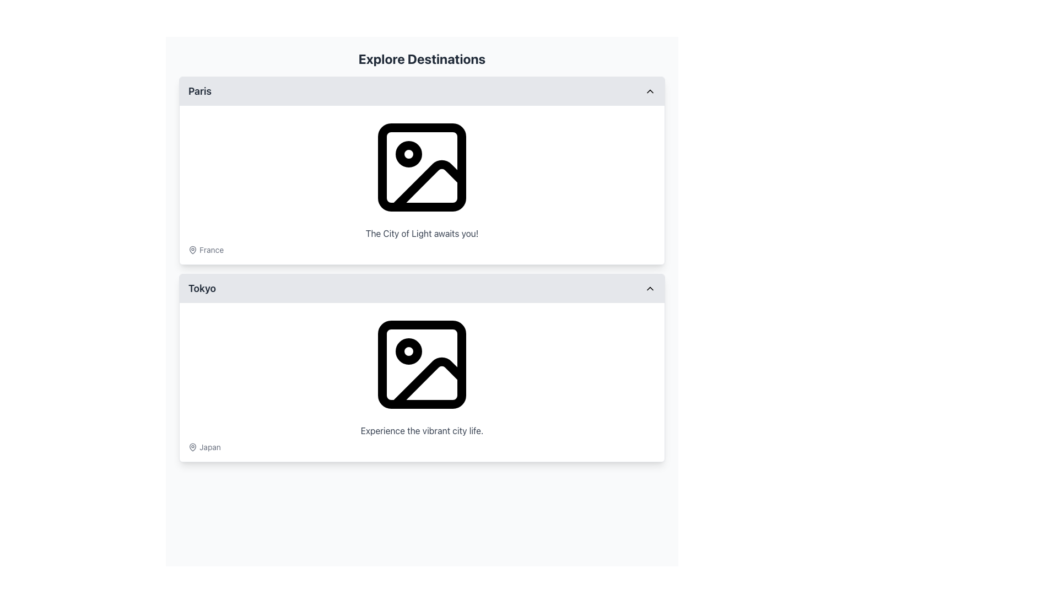  Describe the element at coordinates (408, 154) in the screenshot. I see `the small circular dot located within the top-left area of the framed picture icon in the card labeled 'Paris'` at that location.